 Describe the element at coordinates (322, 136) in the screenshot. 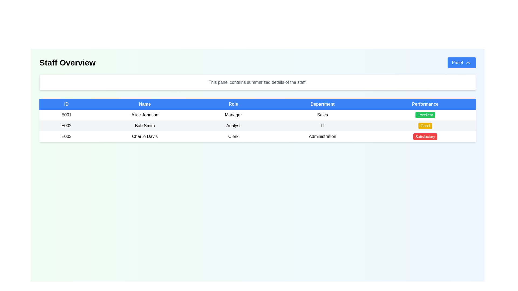

I see `the static text field displaying 'Administration' in the 'Department' column of the third row in the 'Staff Overview' table` at that location.